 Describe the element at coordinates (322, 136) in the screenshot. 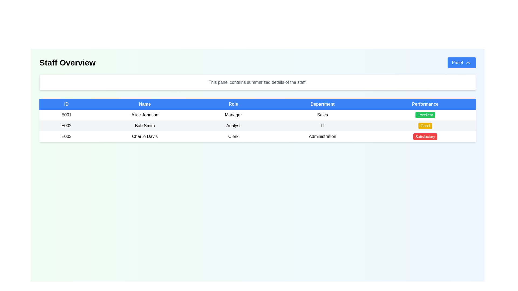

I see `the static text field displaying 'Administration' in the 'Department' column of the third row in the 'Staff Overview' table` at that location.